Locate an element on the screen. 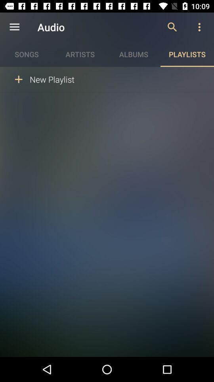  item above the songs is located at coordinates (14, 27).